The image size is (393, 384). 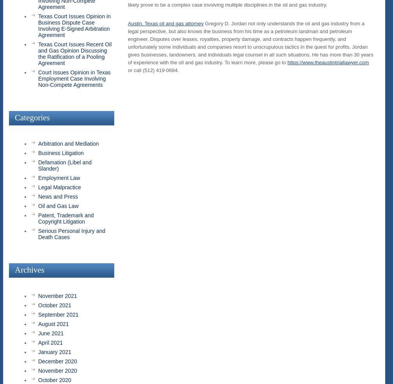 I want to click on 'Serious Personal Injury and Death Cases', so click(x=38, y=234).